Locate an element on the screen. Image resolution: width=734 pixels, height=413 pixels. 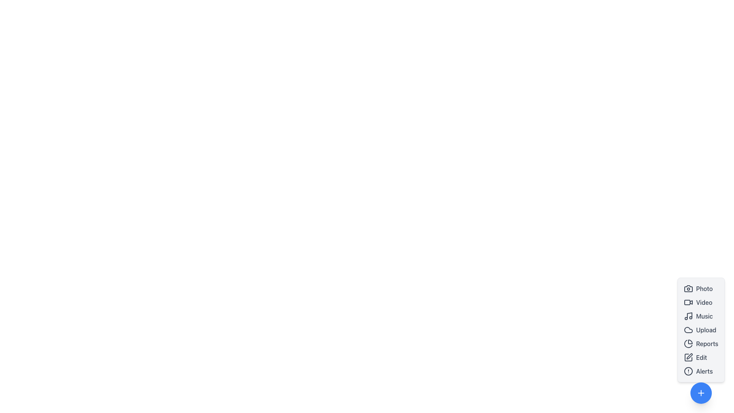
the interactive action button located at the bottom right corner of the interface is located at coordinates (701, 393).